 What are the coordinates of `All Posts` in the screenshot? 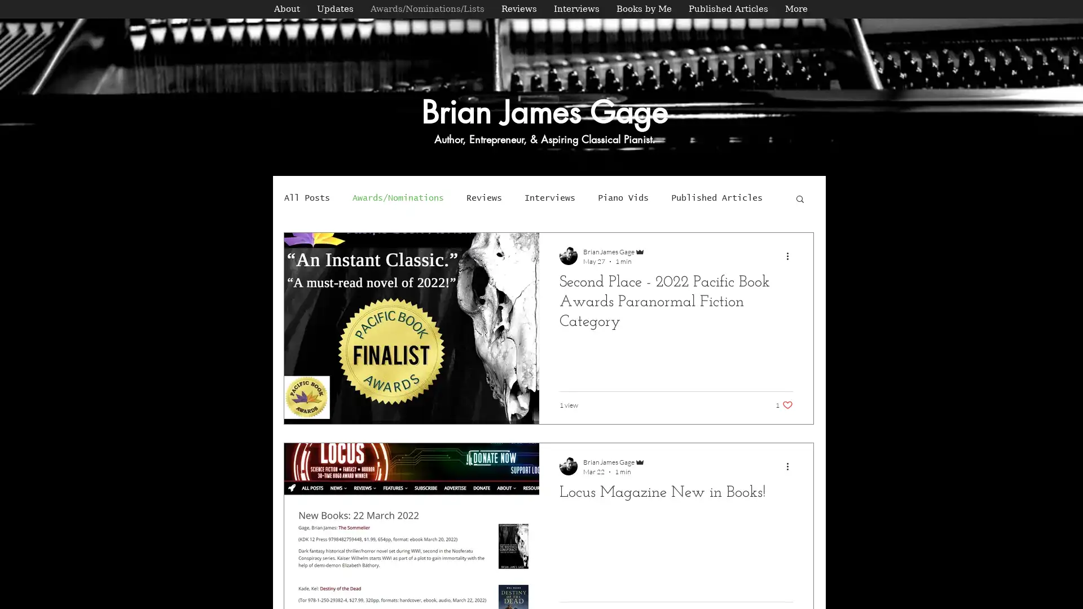 It's located at (307, 197).